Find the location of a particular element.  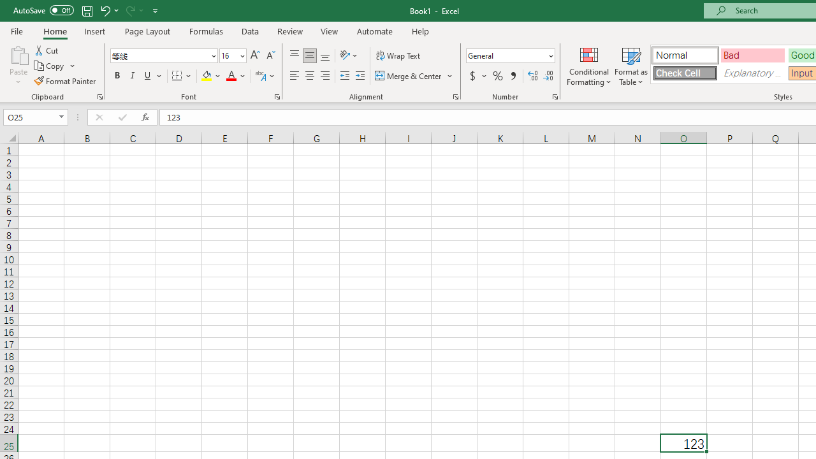

'Format Cell Alignment' is located at coordinates (455, 96).